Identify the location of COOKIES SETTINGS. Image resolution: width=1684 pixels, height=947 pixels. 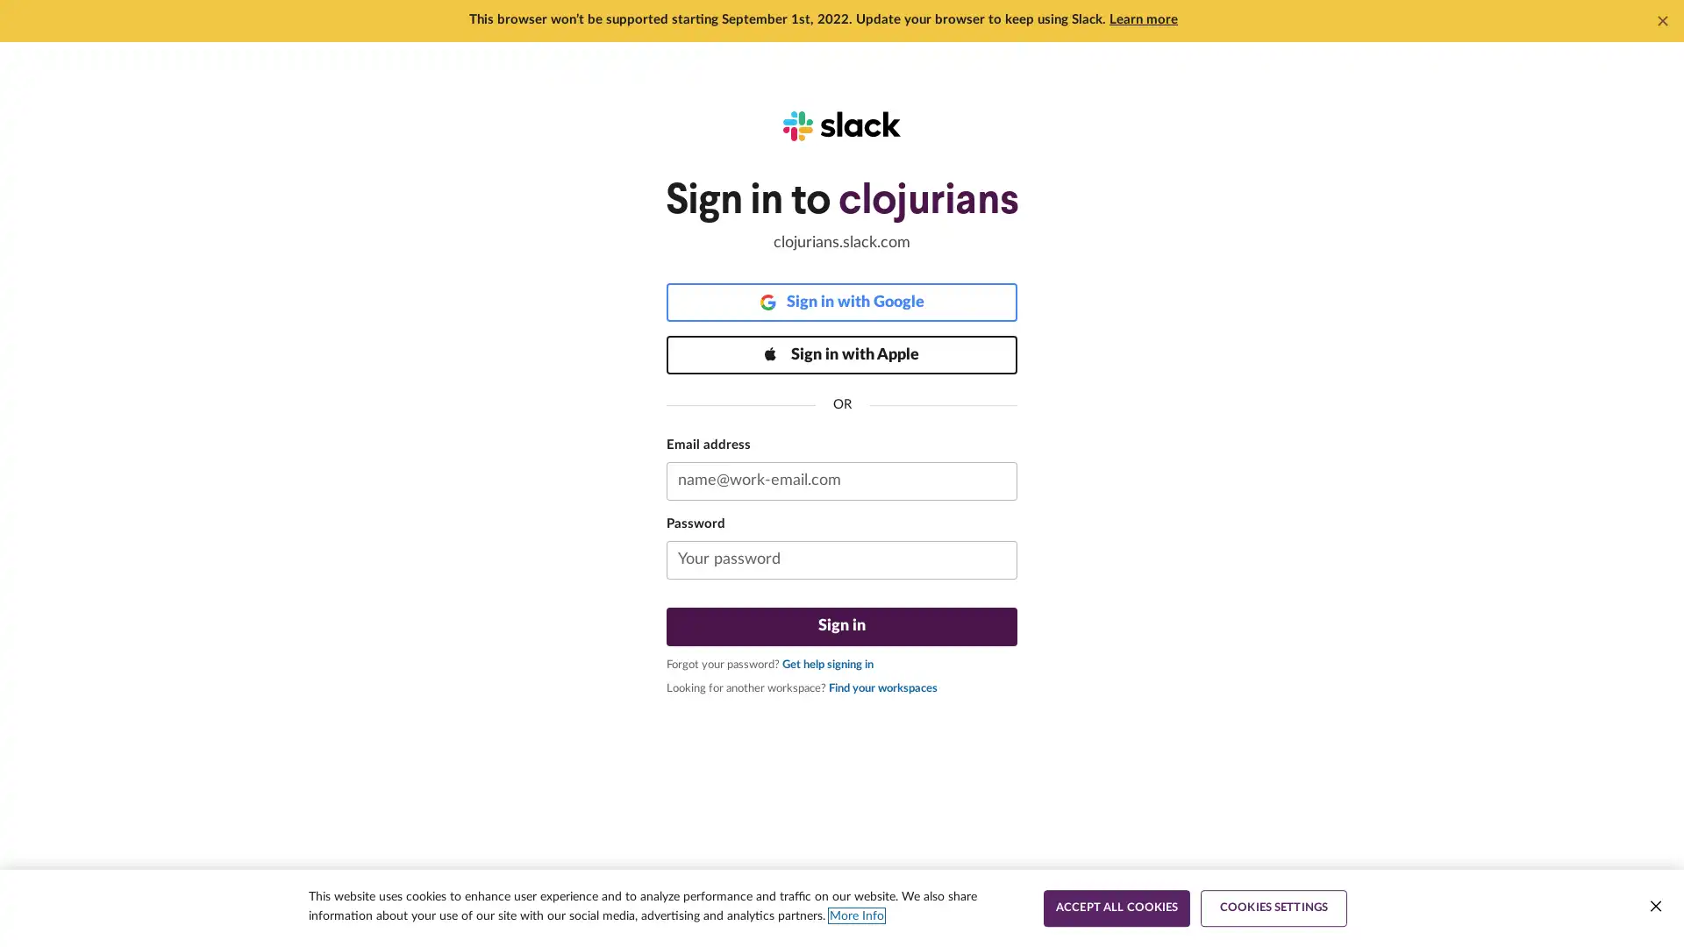
(1274, 908).